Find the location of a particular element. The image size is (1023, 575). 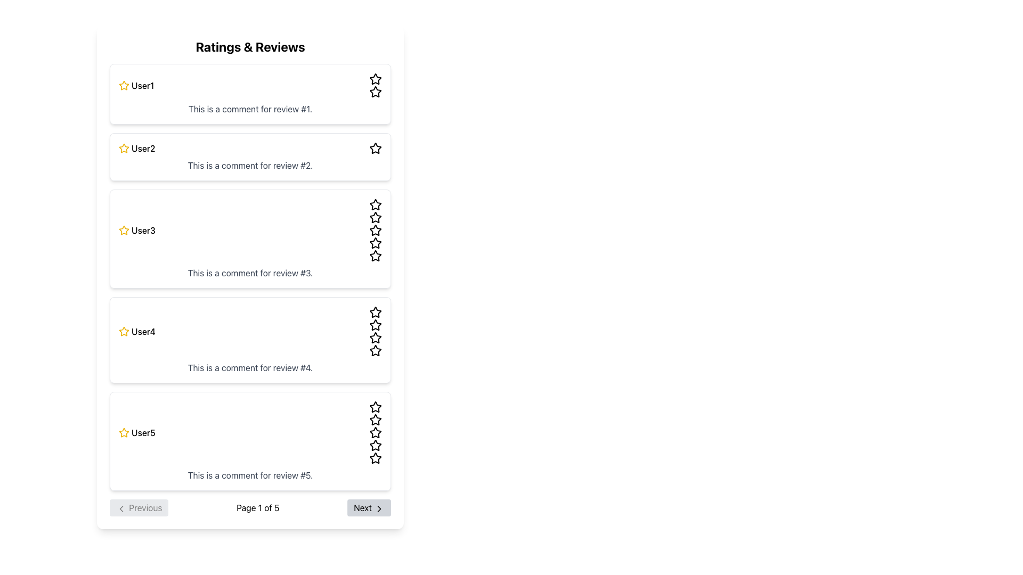

the button that navigates to the previous page, located at the bottom of the page to the left of 'Page 1 of 5' and 'Next', to trigger hover effects is located at coordinates (139, 507).